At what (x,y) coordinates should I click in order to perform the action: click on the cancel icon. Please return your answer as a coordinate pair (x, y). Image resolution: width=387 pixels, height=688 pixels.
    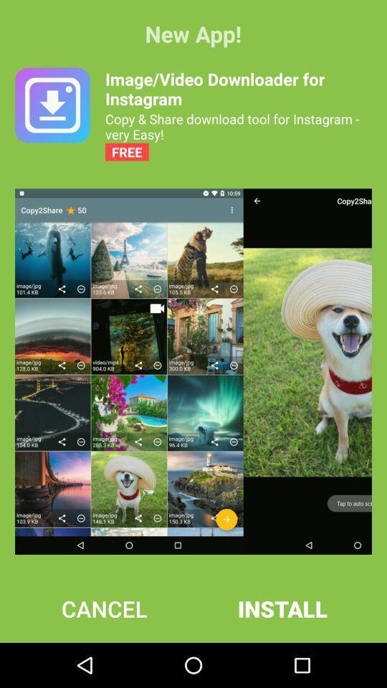
    Looking at the image, I should click on (103, 608).